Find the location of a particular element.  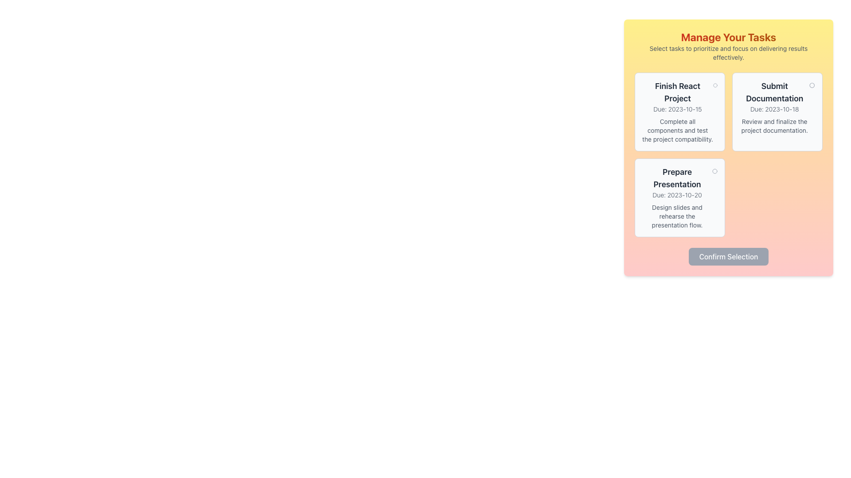

the 'Submit Documentation' text block, which is a two-line text component in a larger, bold font style with dark gray color, located in the upper-middle section of a light gray box, to highlight the associated task is located at coordinates (774, 92).